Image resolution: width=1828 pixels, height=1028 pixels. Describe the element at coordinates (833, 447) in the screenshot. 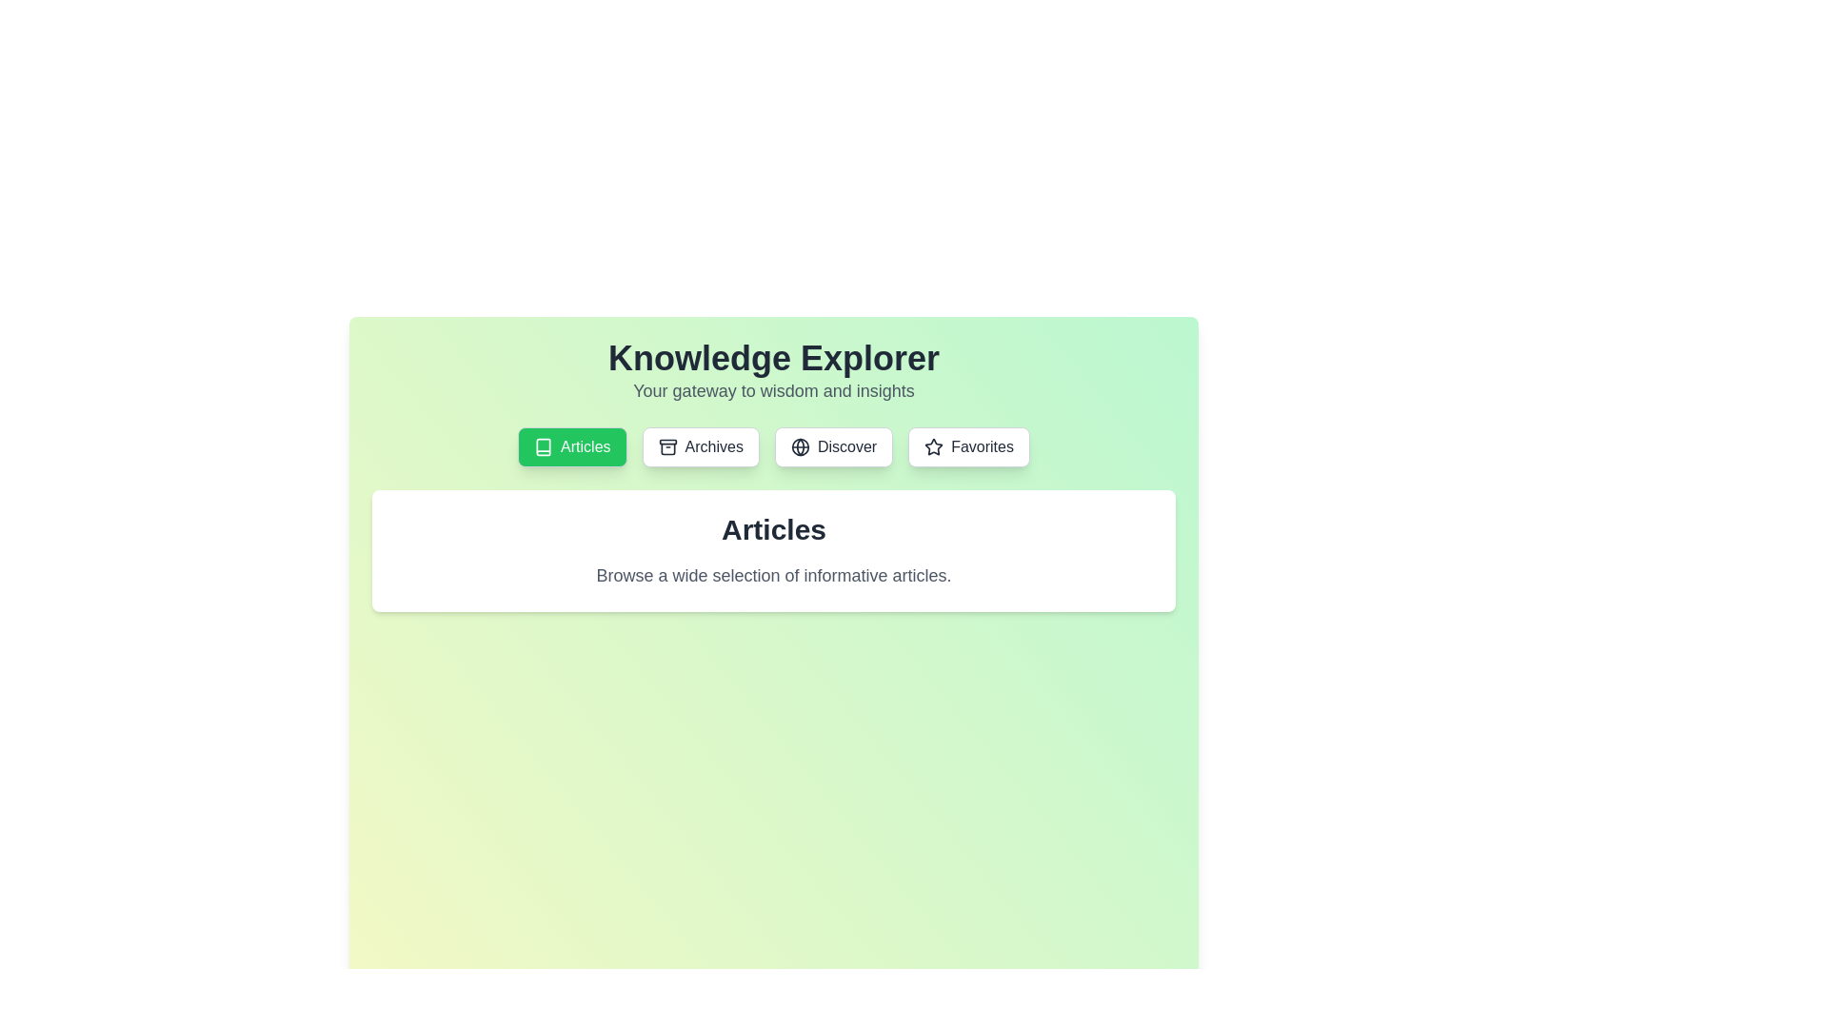

I see `the tab labeled Discover` at that location.